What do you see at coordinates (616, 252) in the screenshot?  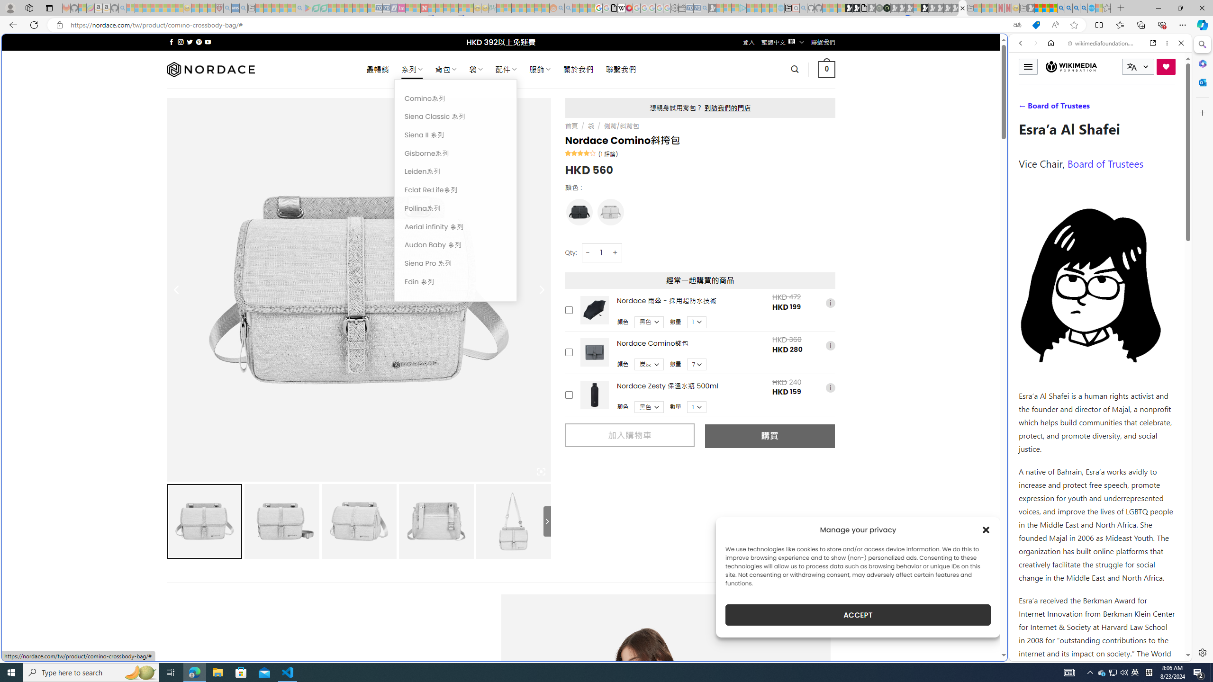 I see `'+'` at bounding box center [616, 252].